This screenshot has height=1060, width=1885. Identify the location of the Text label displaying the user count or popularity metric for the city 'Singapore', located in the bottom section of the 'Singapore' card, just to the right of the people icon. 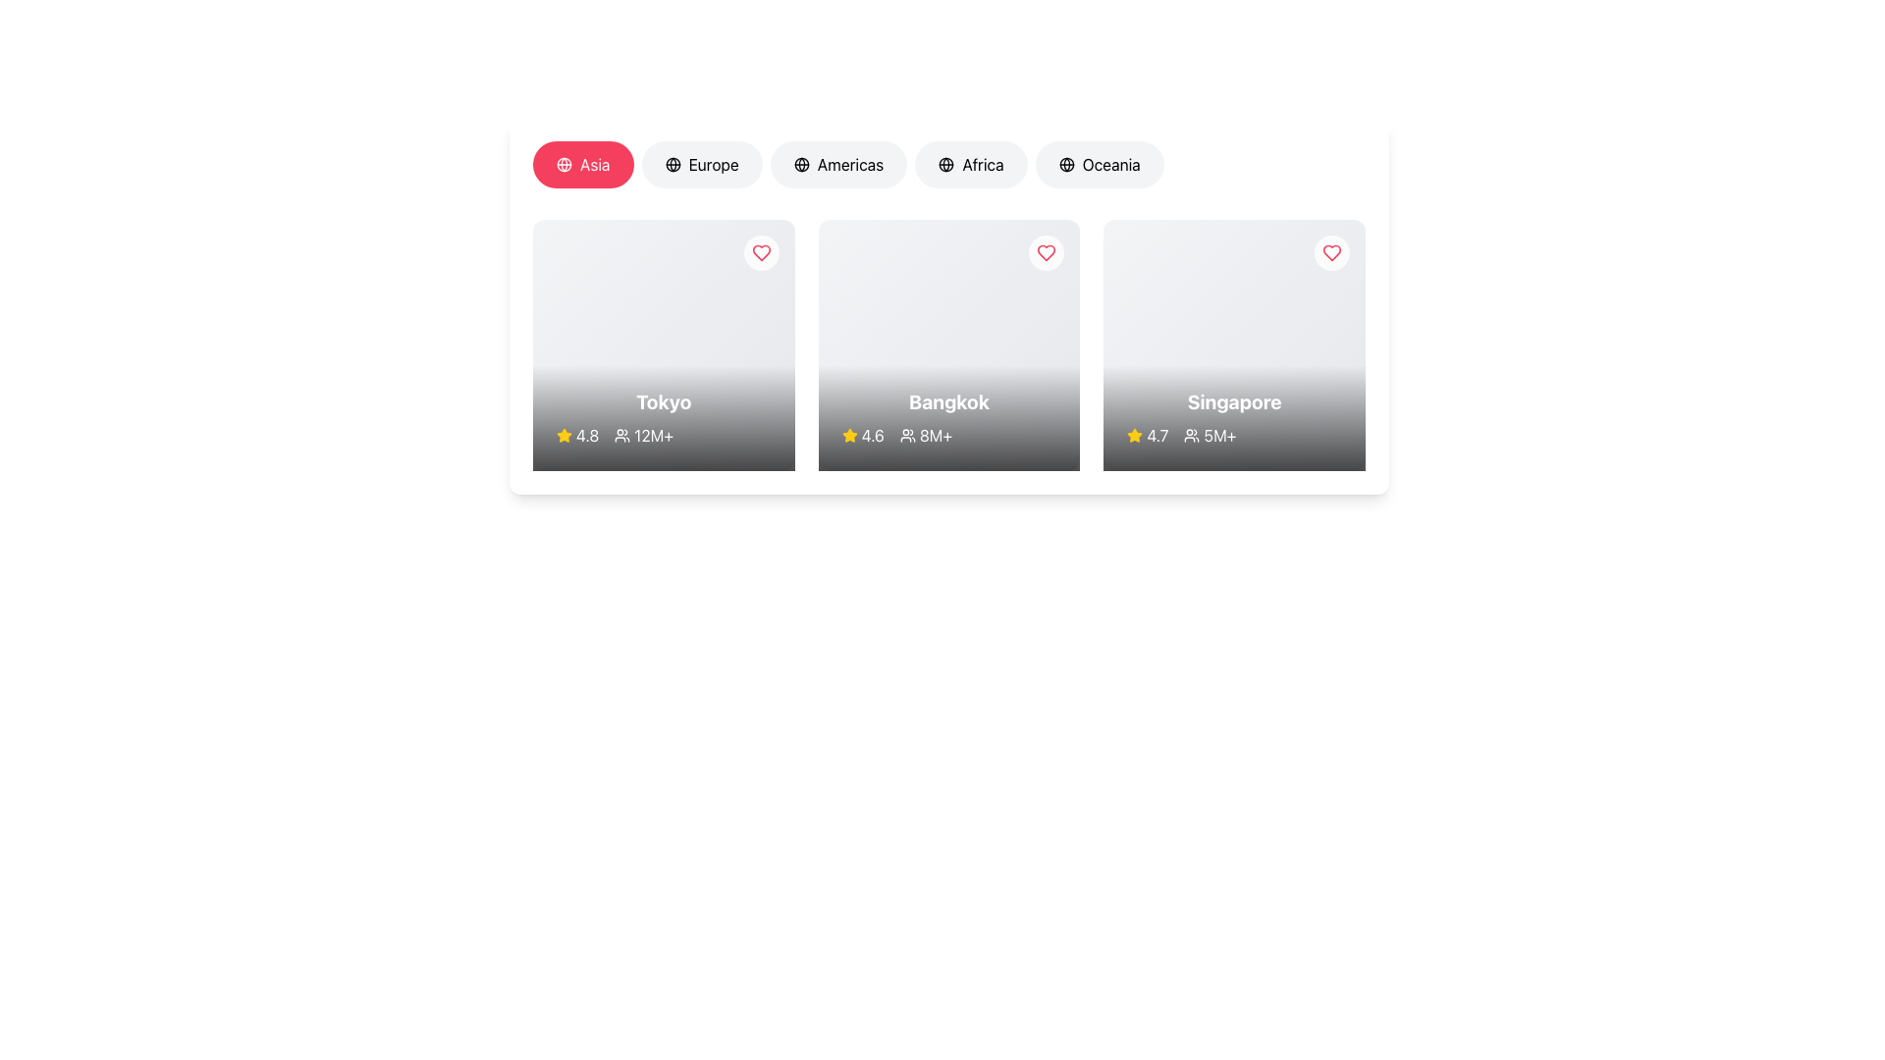
(1219, 434).